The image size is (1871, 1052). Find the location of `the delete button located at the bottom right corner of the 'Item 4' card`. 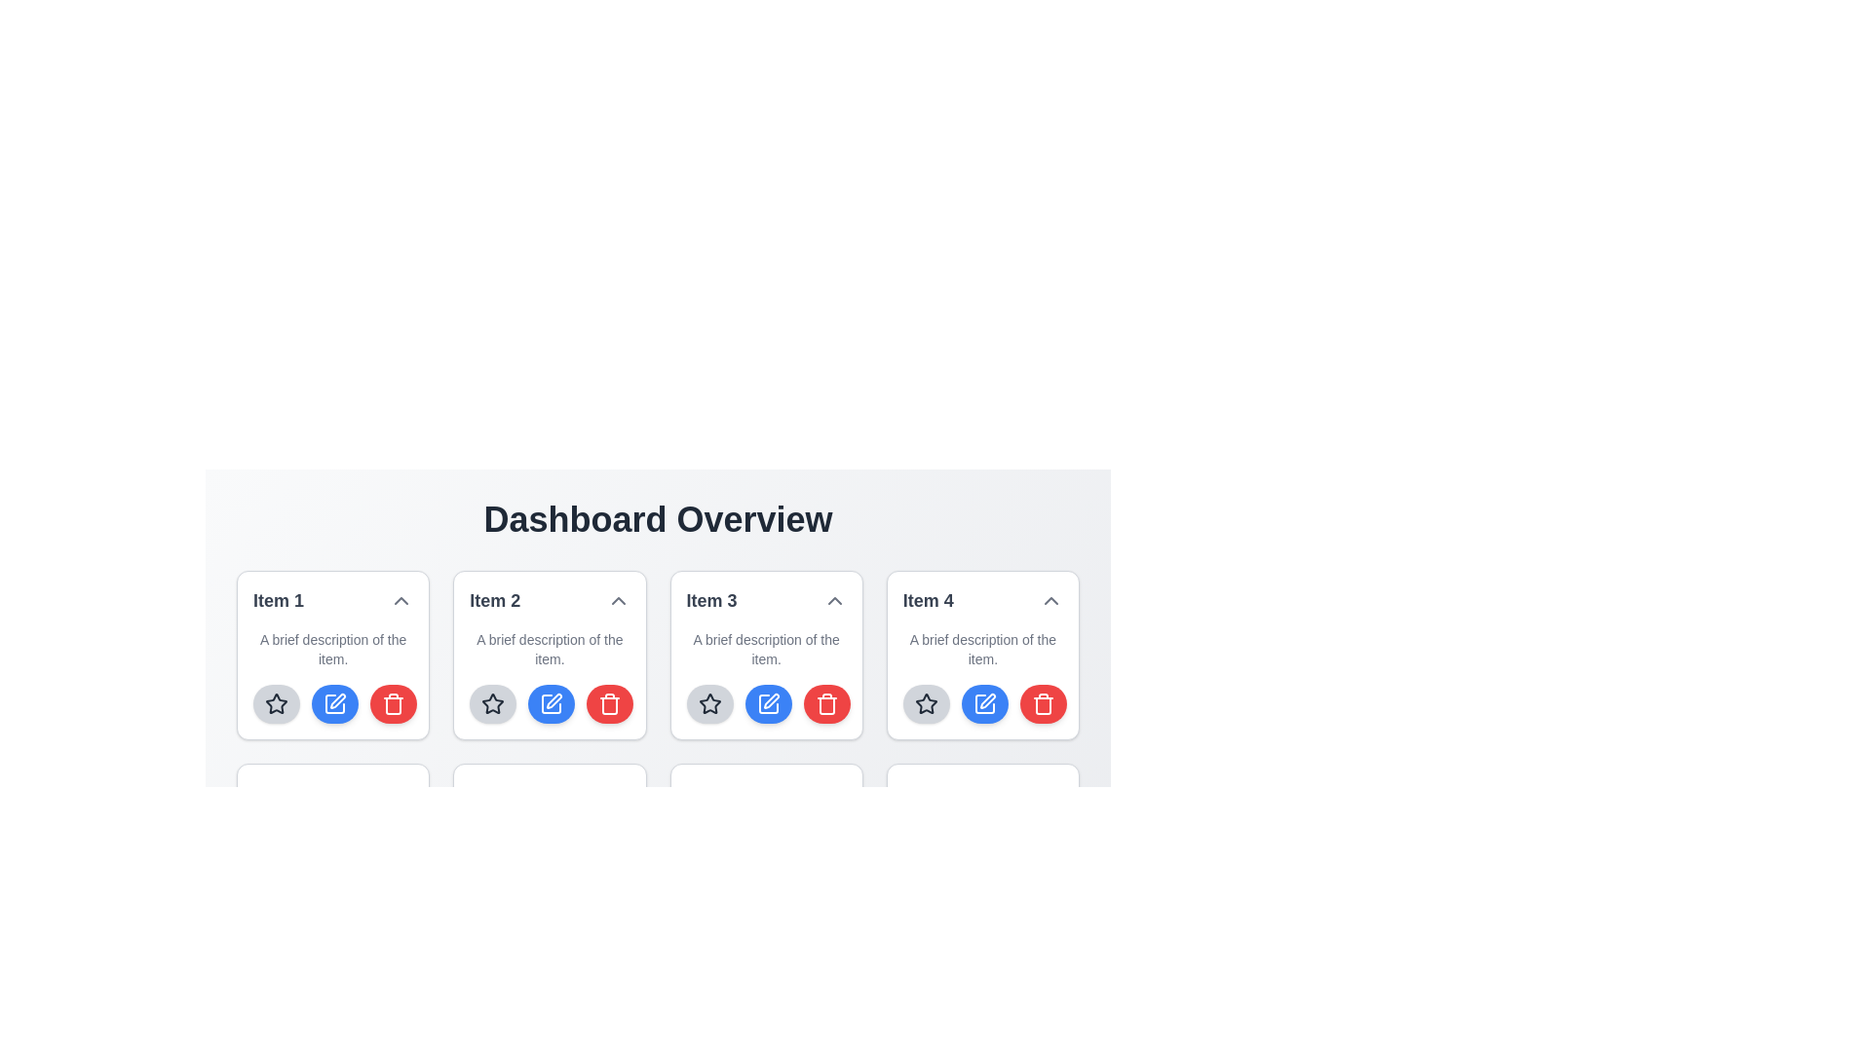

the delete button located at the bottom right corner of the 'Item 4' card is located at coordinates (1042, 703).